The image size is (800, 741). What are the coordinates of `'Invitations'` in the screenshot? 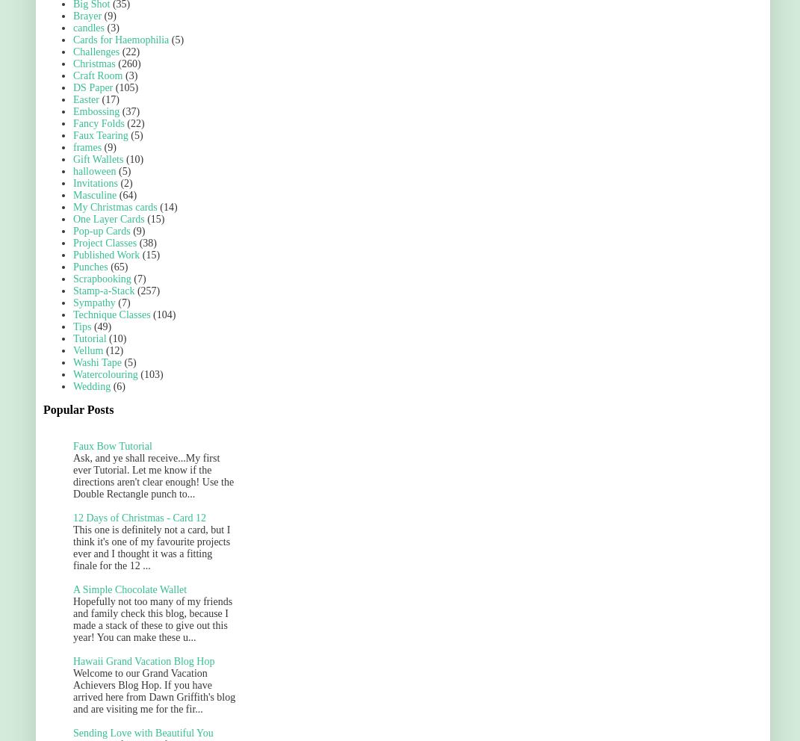 It's located at (72, 183).